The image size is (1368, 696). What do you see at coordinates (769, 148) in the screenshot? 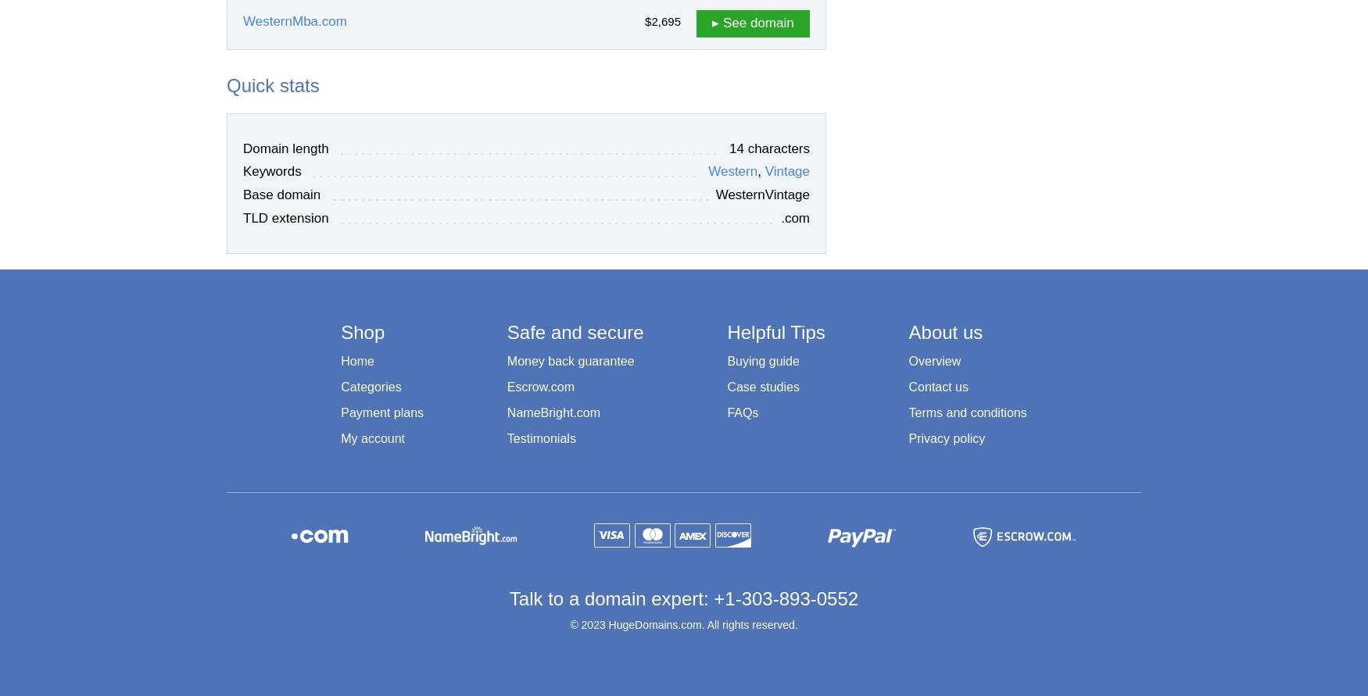
I see `'14 characters'` at bounding box center [769, 148].